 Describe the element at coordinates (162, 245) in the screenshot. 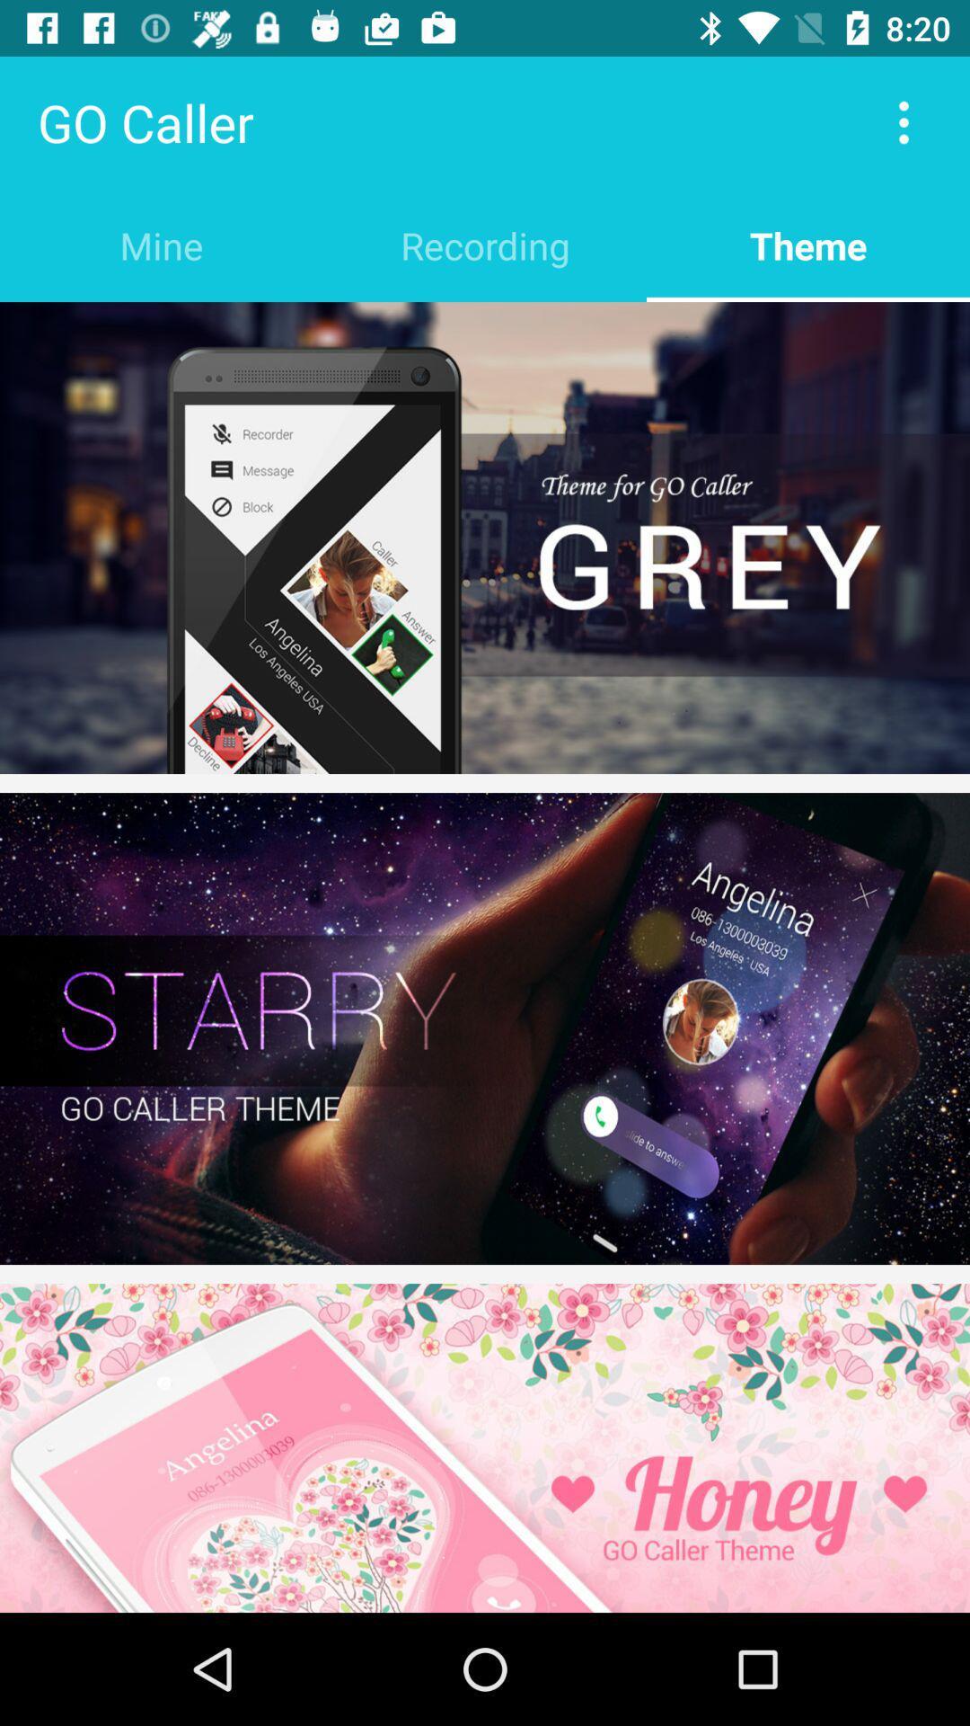

I see `the mine at the top left corner` at that location.